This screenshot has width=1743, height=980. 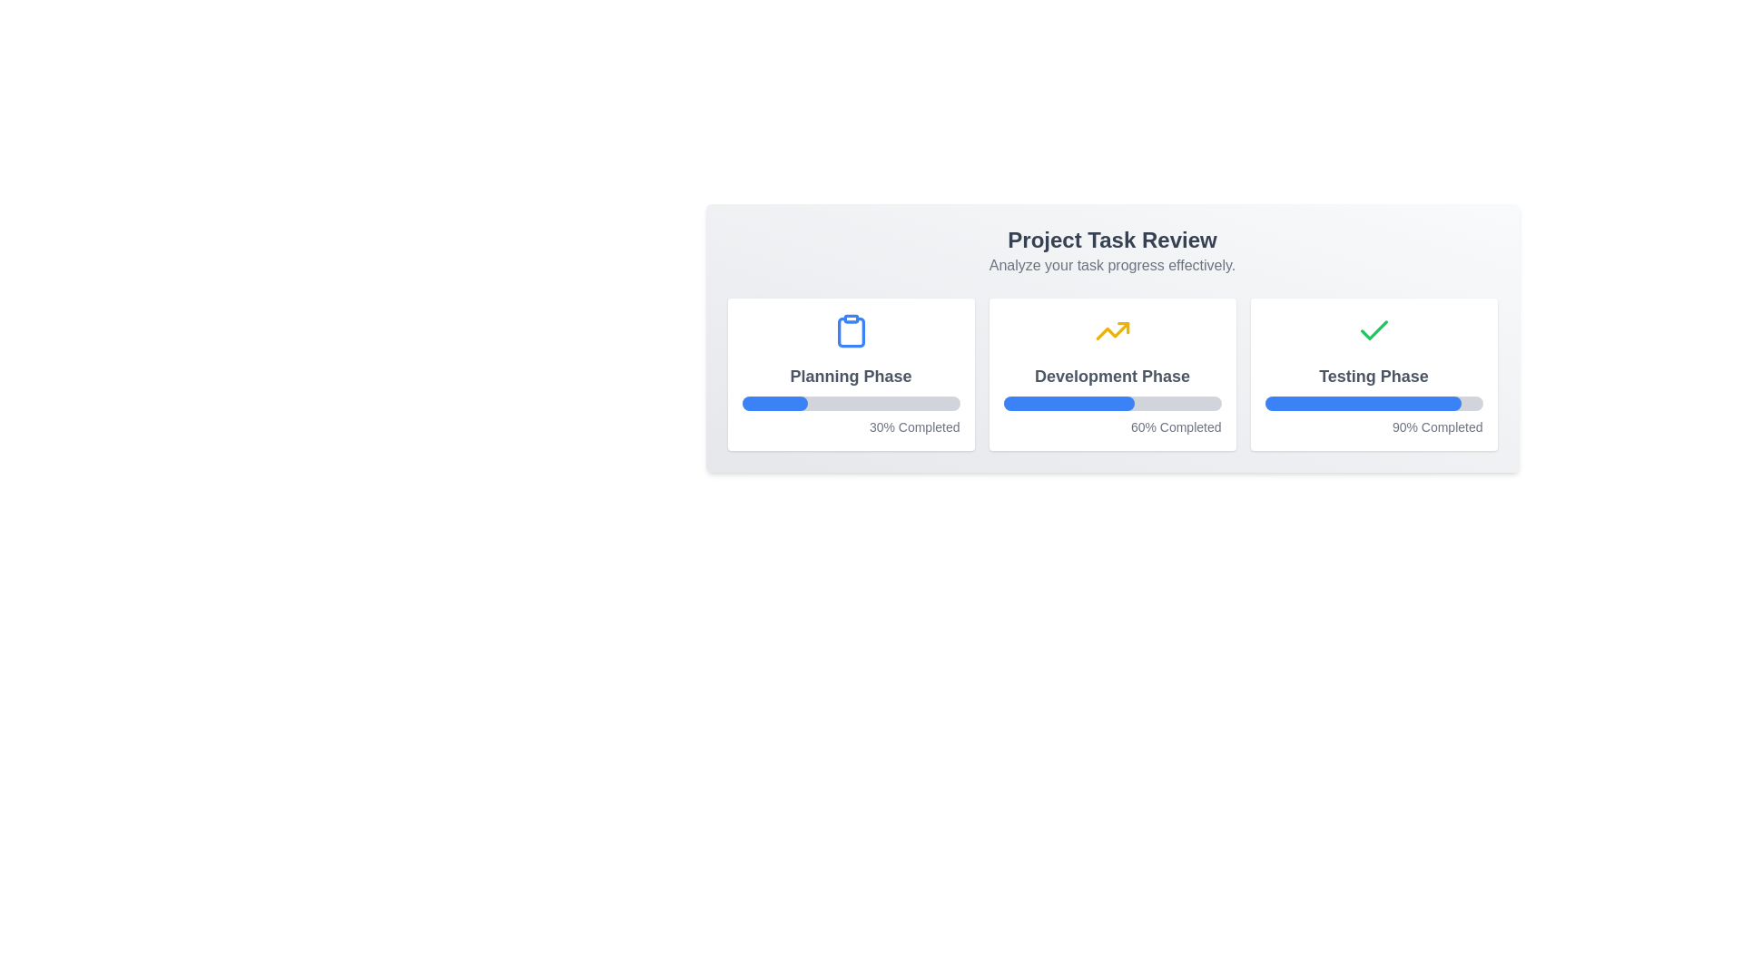 I want to click on status and progress information from the Summary card displaying 'Testing Phase' progress at 90% completion level, so click(x=1374, y=373).